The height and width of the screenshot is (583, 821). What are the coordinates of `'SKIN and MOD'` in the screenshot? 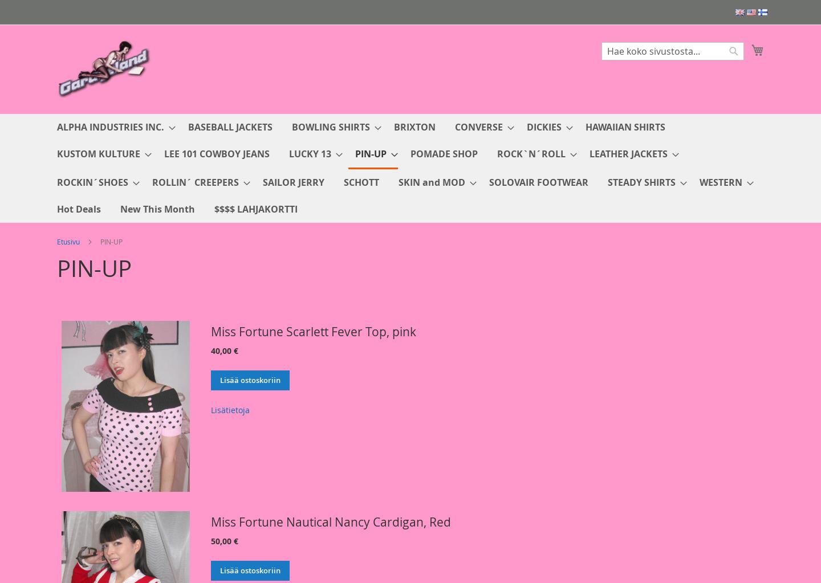 It's located at (431, 182).